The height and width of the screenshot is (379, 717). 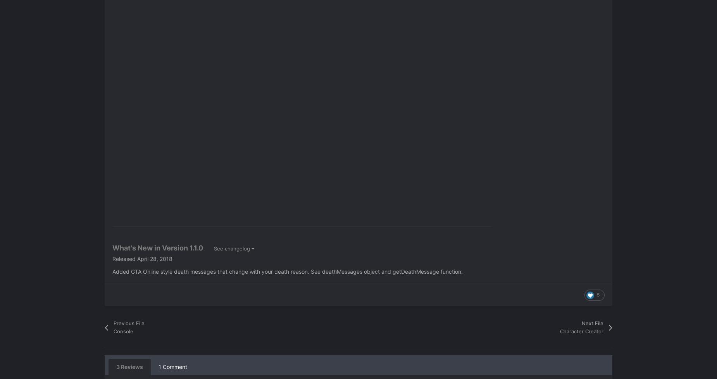 I want to click on 'See changelog', so click(x=233, y=247).